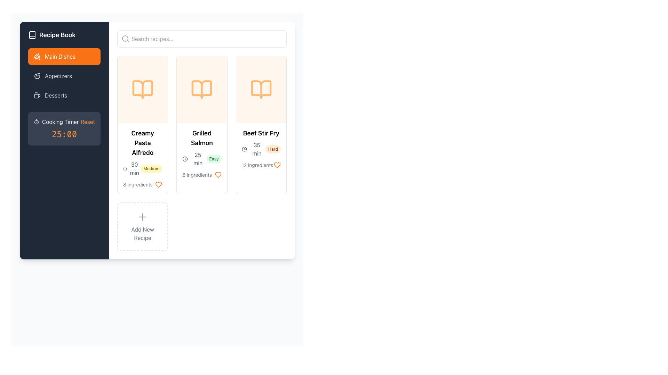 The width and height of the screenshot is (668, 375). Describe the element at coordinates (138, 184) in the screenshot. I see `the static text label that provides information on the count of ingredients required for the respective recipe, located at the bottom-left corner of the third recipe card` at that location.